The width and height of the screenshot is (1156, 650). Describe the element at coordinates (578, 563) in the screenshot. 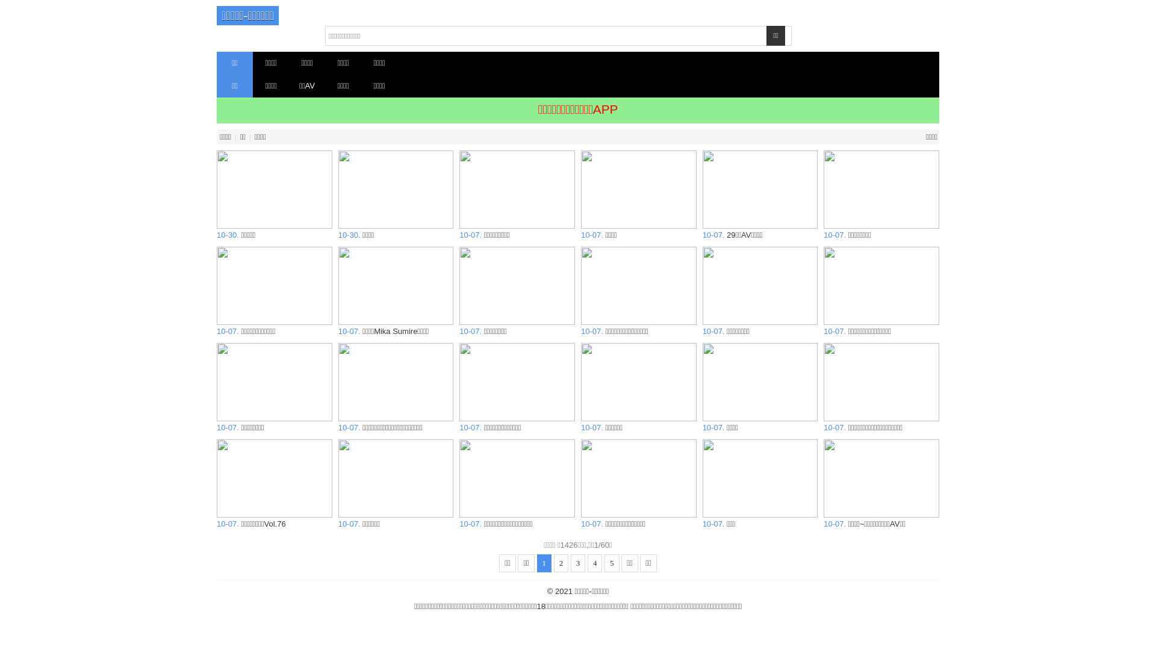

I see `'3'` at that location.